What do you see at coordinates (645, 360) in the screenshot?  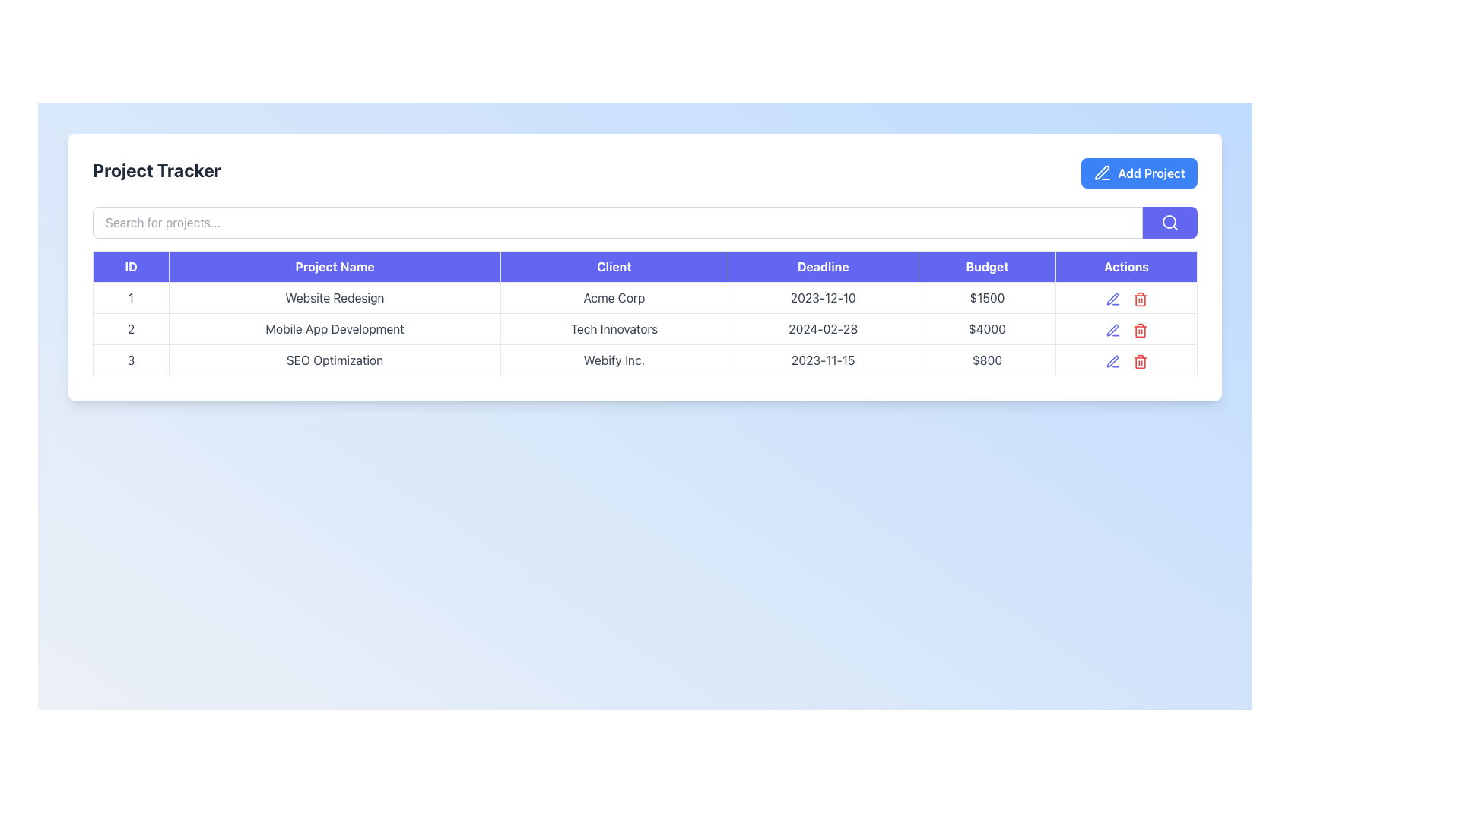 I see `the third row of the project tracker table` at bounding box center [645, 360].